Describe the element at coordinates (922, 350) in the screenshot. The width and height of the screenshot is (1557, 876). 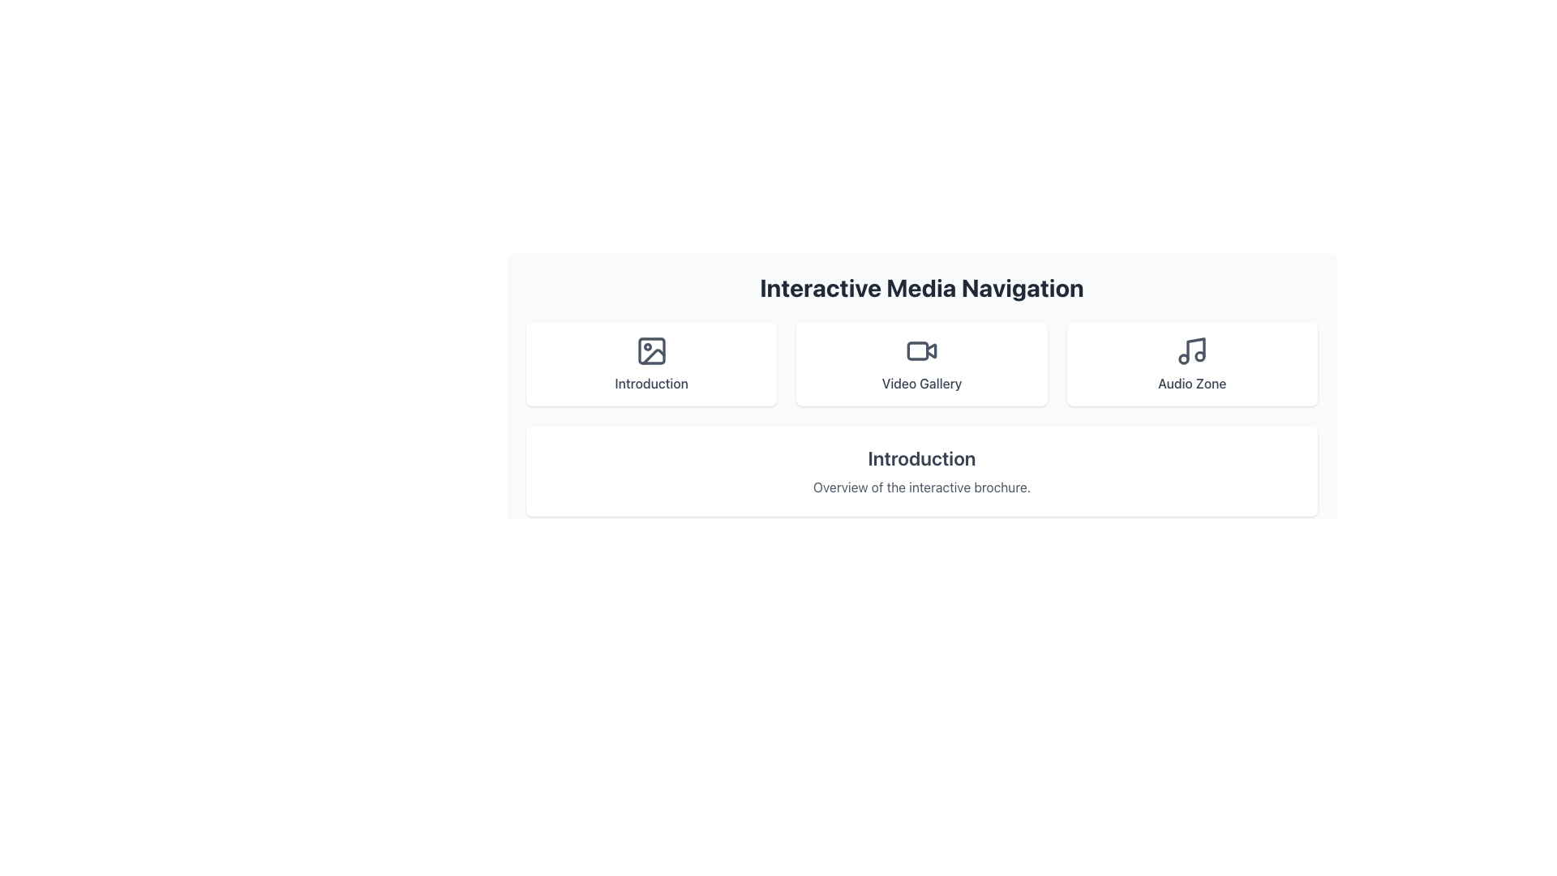
I see `the icon representing the video gallery feature, located above the label 'Video Gallery' in the central column of the interactive media navigation menu` at that location.